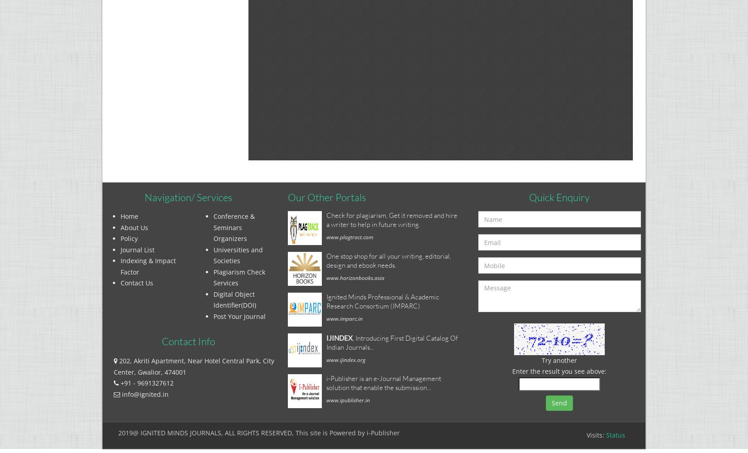 The height and width of the screenshot is (453, 748). What do you see at coordinates (355, 277) in the screenshot?
I see `'www.horizonbooks.asia'` at bounding box center [355, 277].